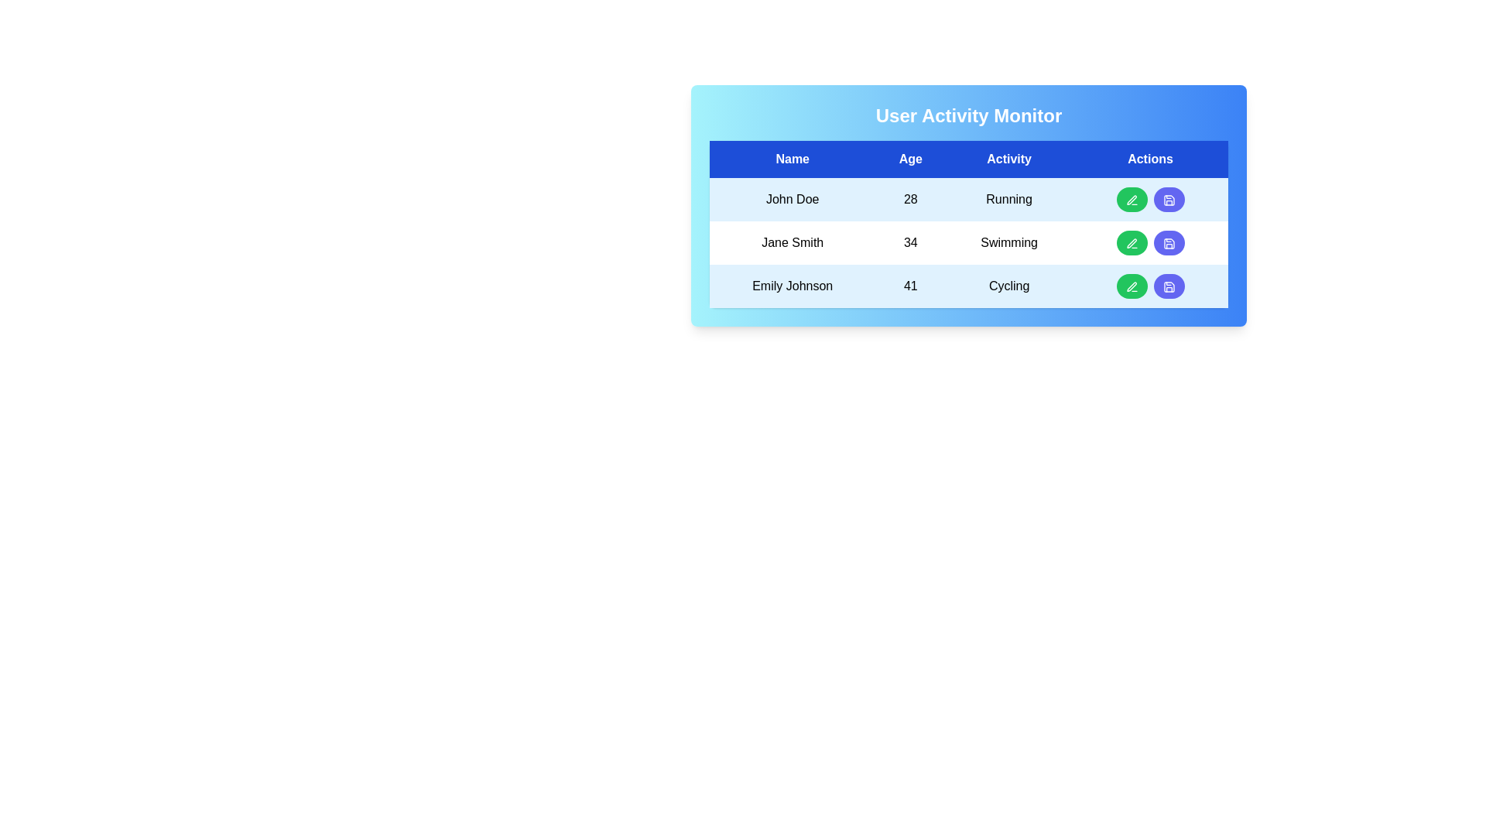 This screenshot has width=1486, height=836. Describe the element at coordinates (968, 286) in the screenshot. I see `the row corresponding to Emily Johnson` at that location.